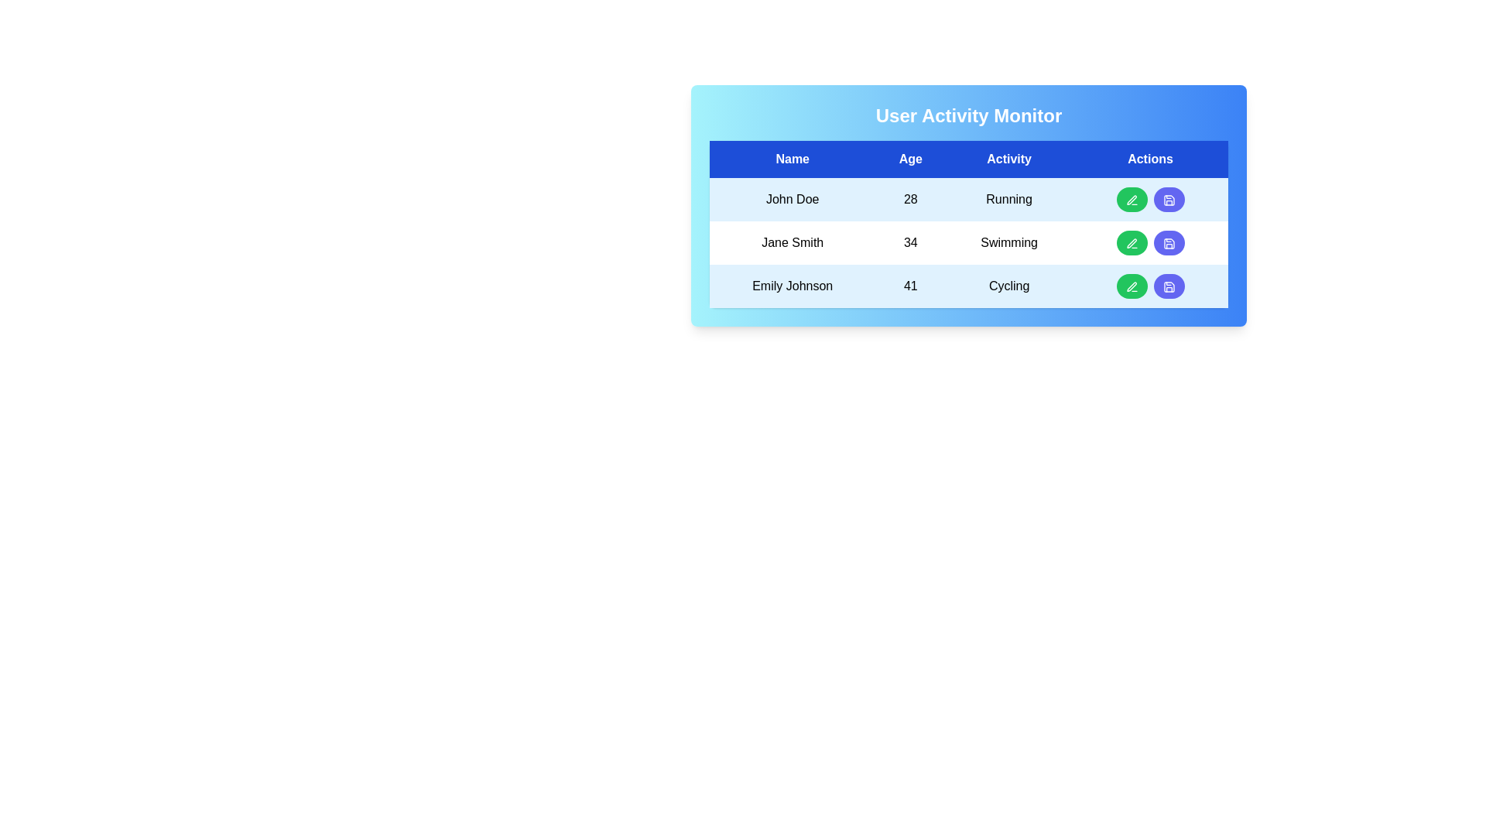 This screenshot has width=1486, height=836. Describe the element at coordinates (968, 286) in the screenshot. I see `the row corresponding to Emily Johnson` at that location.